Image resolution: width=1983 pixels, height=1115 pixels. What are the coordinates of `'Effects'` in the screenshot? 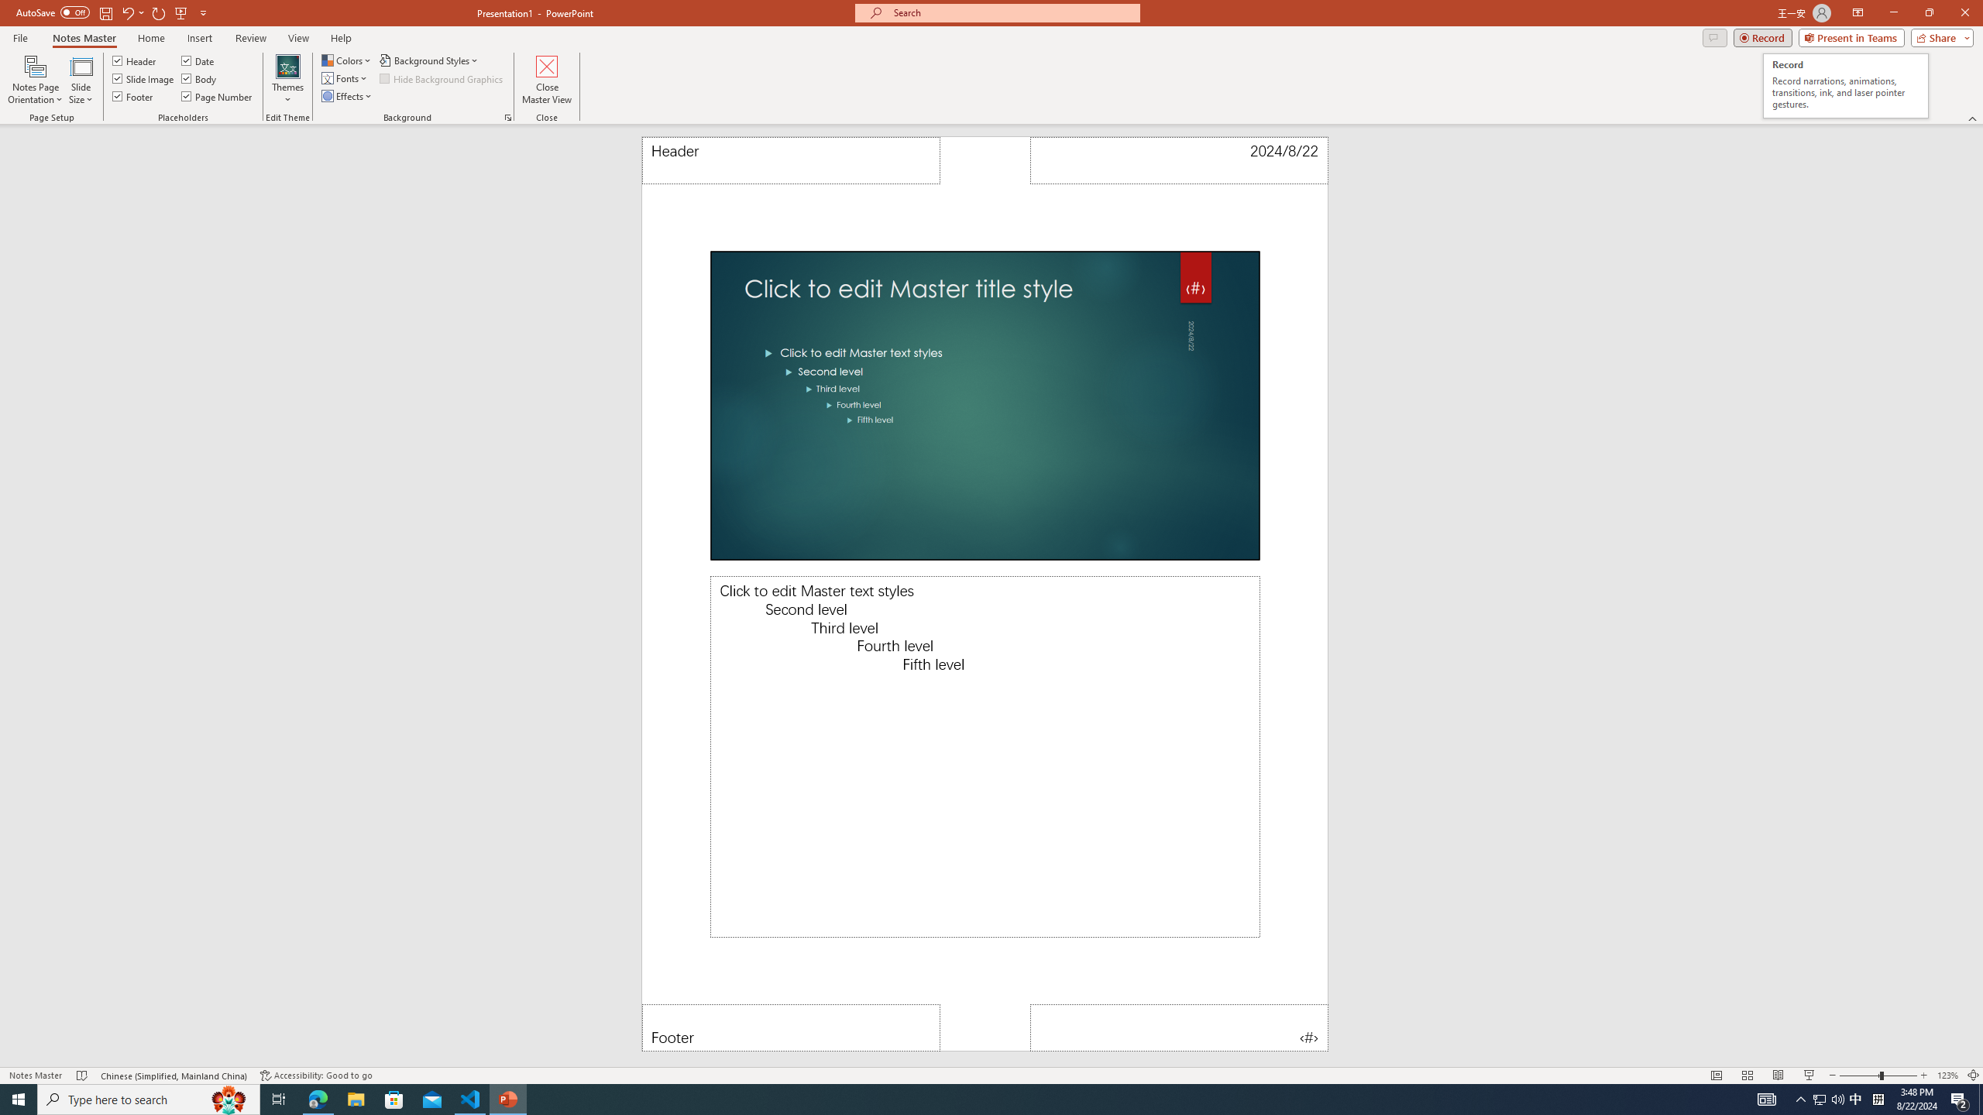 It's located at (347, 94).